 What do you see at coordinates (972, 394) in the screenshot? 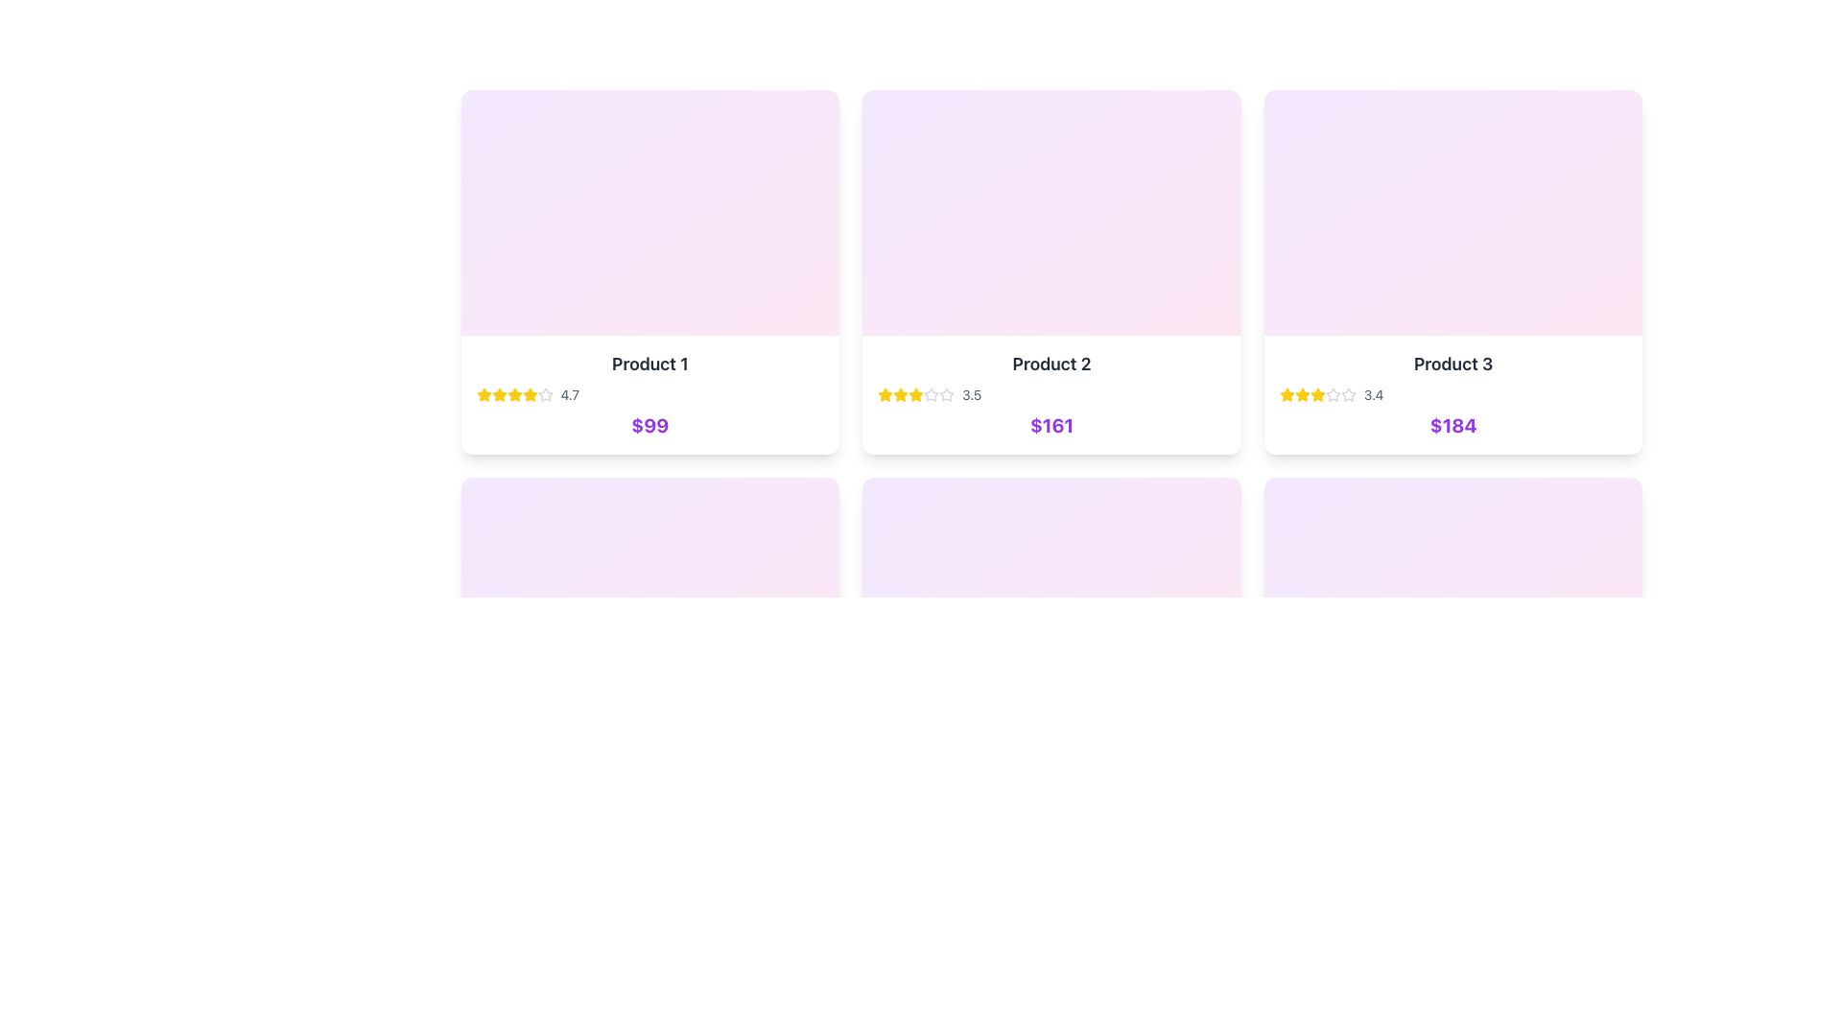
I see `the text label displaying '3.5' in gray color, which is aligned to the right of the star rating system within the 'Product 2' information card` at bounding box center [972, 394].